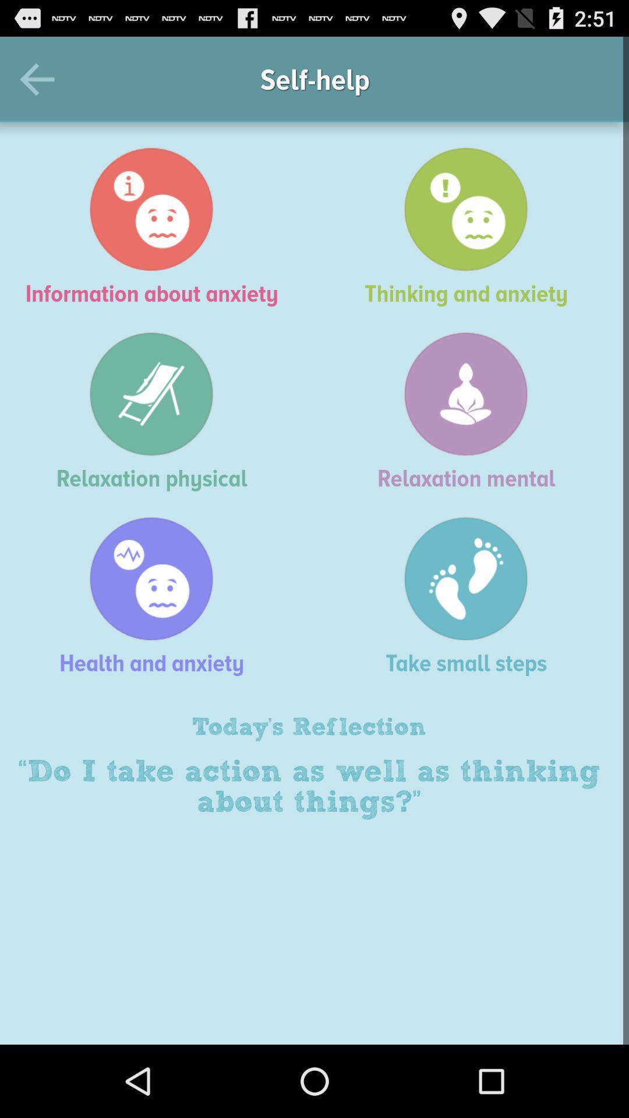 The height and width of the screenshot is (1118, 629). Describe the element at coordinates (157, 227) in the screenshot. I see `the item to the left of the thinking and anxiety item` at that location.